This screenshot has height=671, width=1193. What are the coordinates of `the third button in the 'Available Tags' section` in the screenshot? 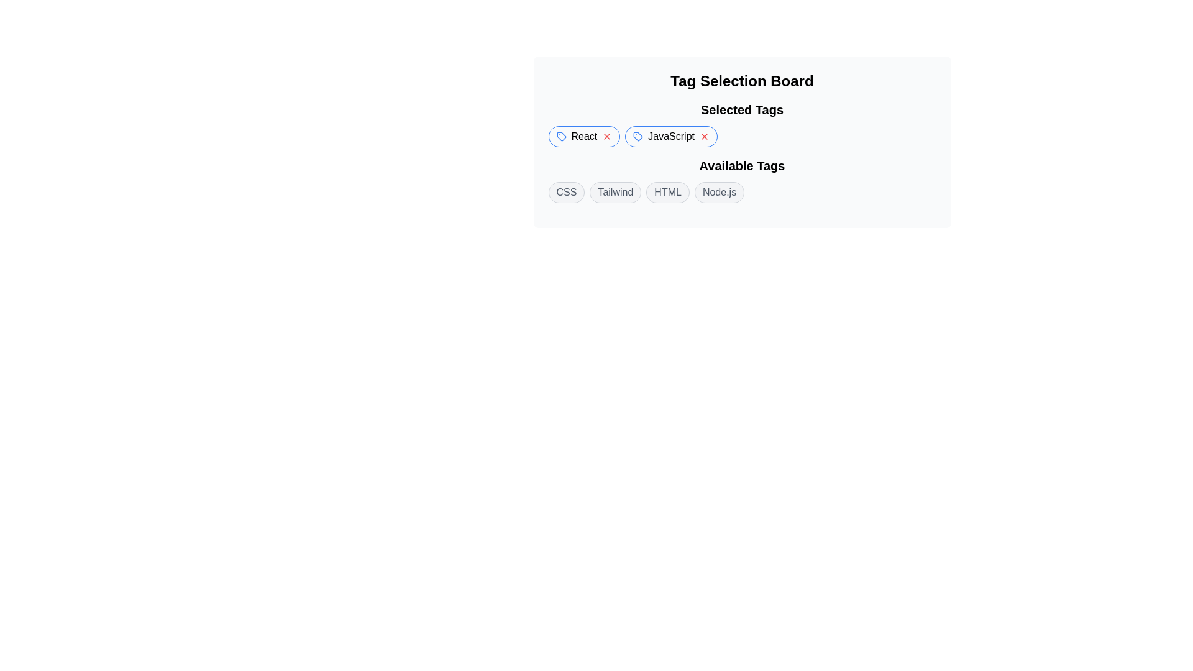 It's located at (667, 192).